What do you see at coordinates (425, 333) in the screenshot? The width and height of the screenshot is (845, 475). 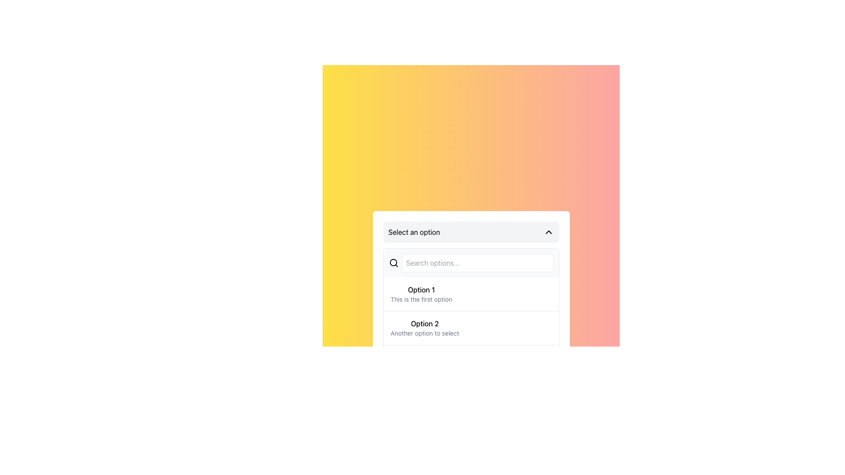 I see `the text label reading 'Another option to select', which is a descriptive subtitle positioned beneath 'Option 2' in the dropdown menu` at bounding box center [425, 333].